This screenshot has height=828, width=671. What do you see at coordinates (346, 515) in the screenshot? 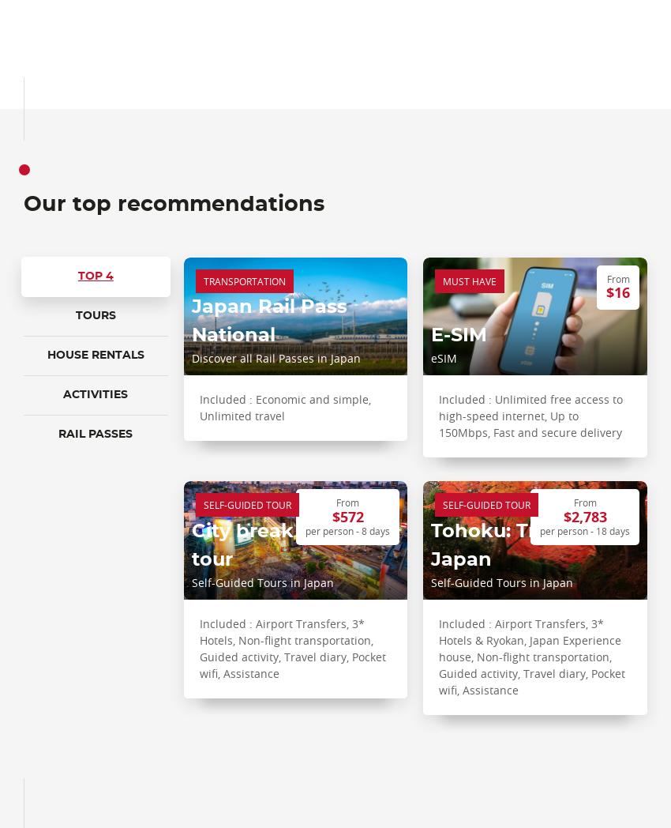
I see `'$572'` at bounding box center [346, 515].